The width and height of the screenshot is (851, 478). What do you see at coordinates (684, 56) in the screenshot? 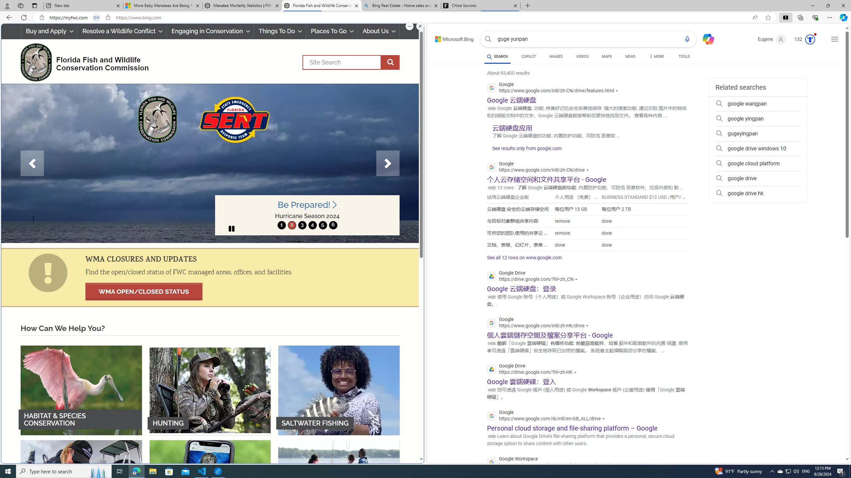
I see `'TOOLS'` at bounding box center [684, 56].